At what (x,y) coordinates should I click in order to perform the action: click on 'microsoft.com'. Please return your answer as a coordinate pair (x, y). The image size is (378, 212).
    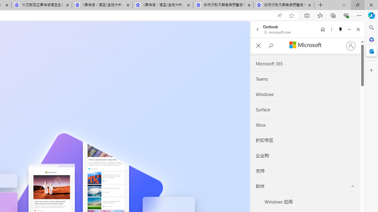
    Looking at the image, I should click on (277, 32).